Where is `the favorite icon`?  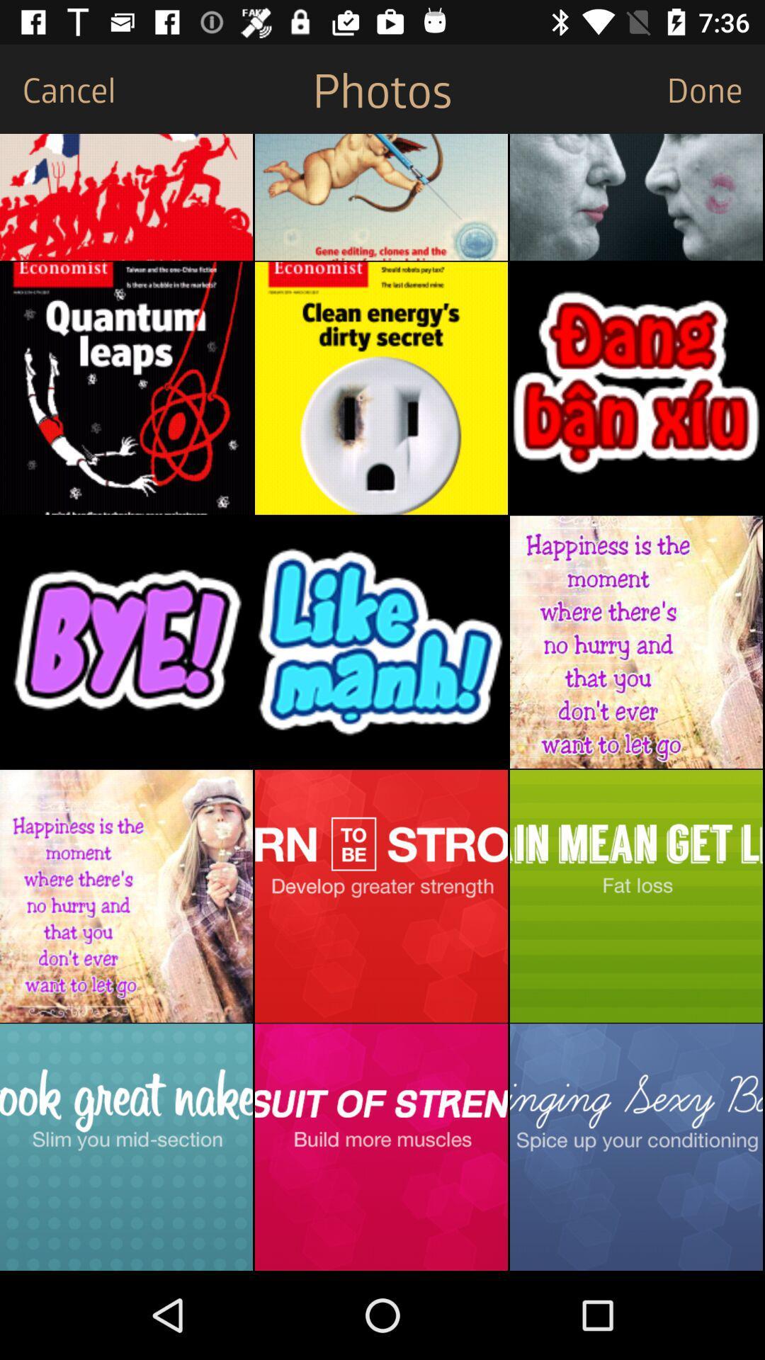
the favorite icon is located at coordinates (380, 196).